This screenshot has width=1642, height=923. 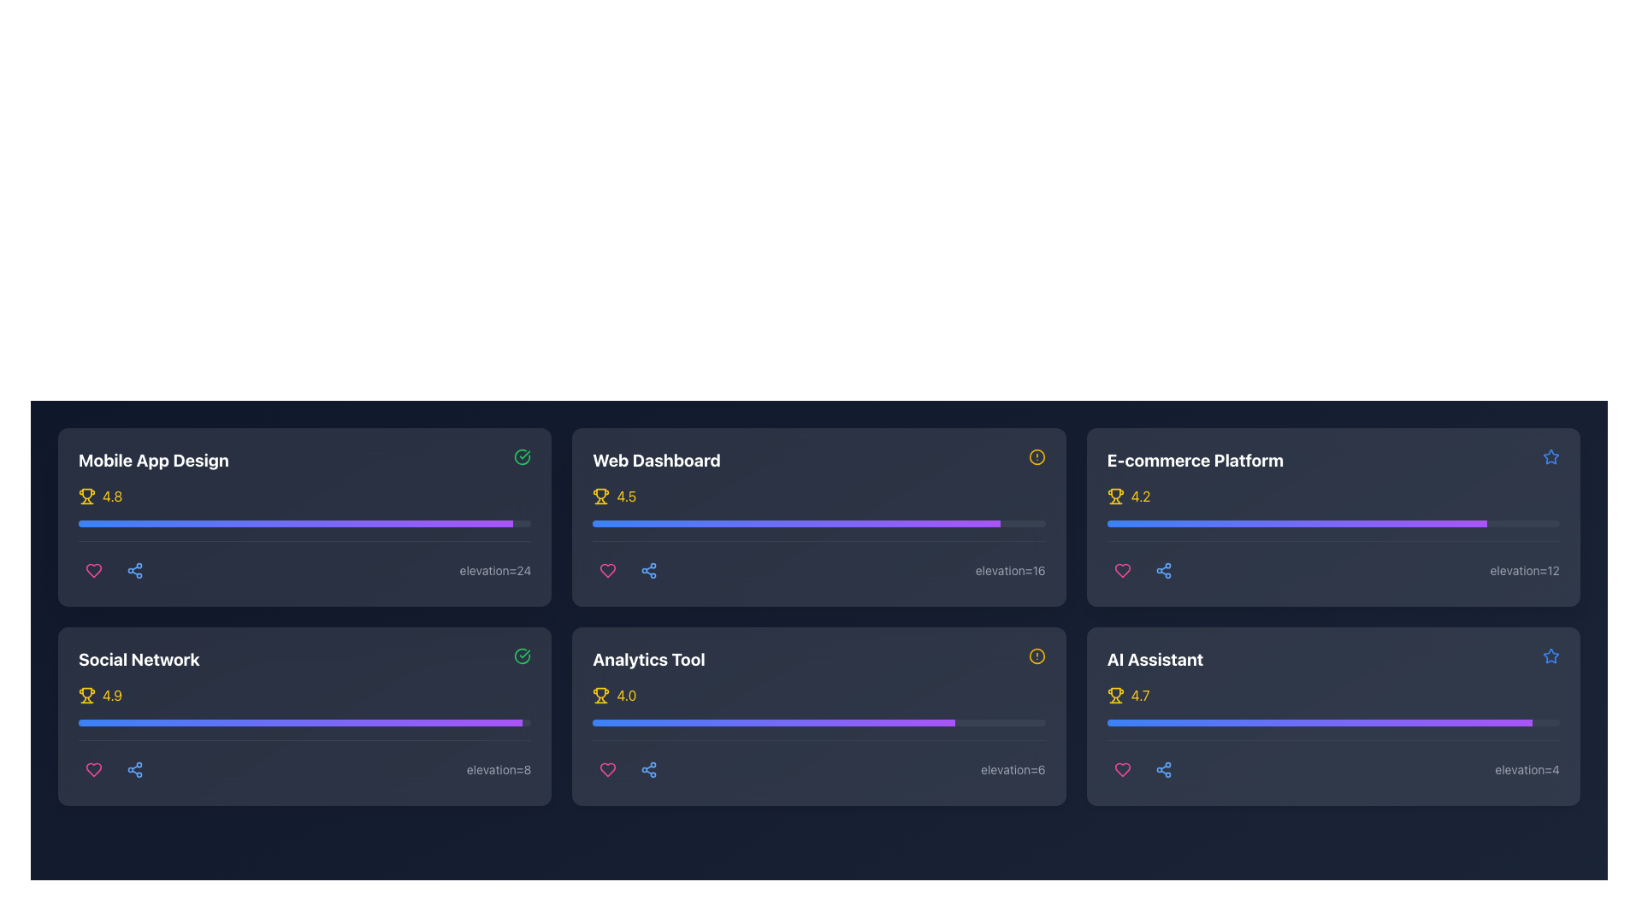 I want to click on the alert icon located at the top right corner of the 'Web Dashboard' card, adjacent to the title text 'Web Dashboard', so click(x=1036, y=456).